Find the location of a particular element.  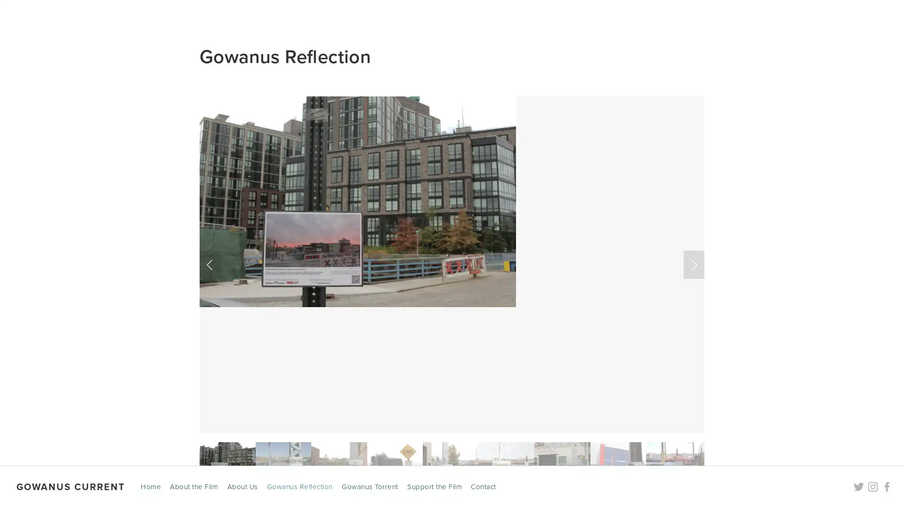

Slide 10 is located at coordinates (729, 460).